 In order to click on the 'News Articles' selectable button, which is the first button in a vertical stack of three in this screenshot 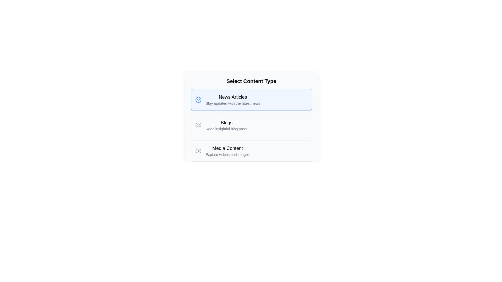, I will do `click(251, 99)`.